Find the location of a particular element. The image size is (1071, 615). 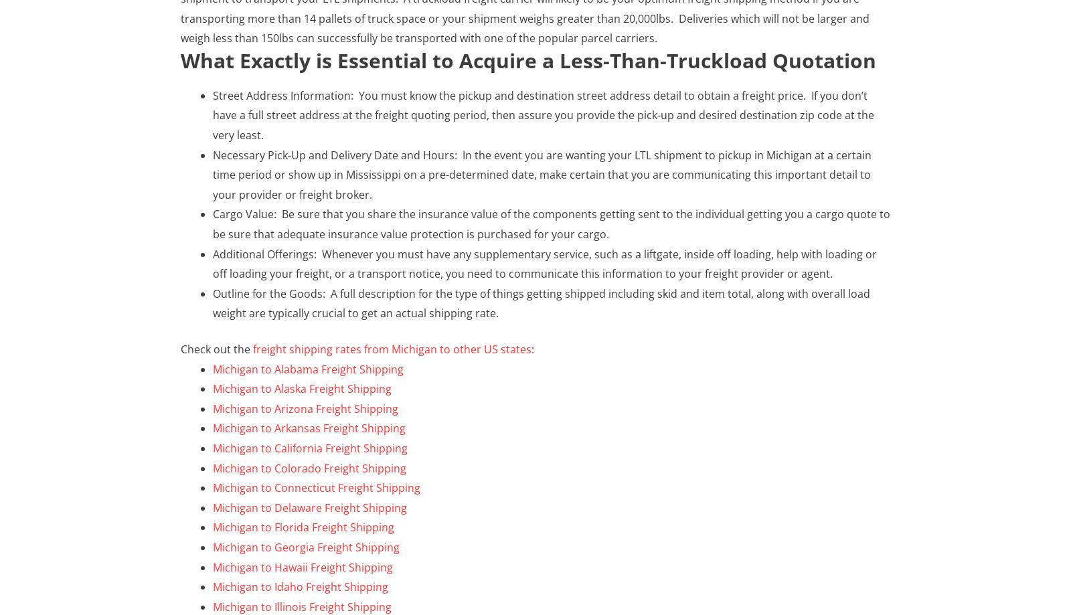

'freight shipping rates from Michigan to other US states' is located at coordinates (252, 348).